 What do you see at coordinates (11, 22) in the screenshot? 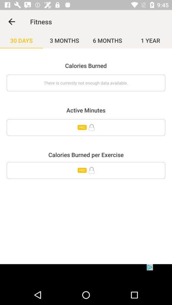
I see `item next to the fitness` at bounding box center [11, 22].